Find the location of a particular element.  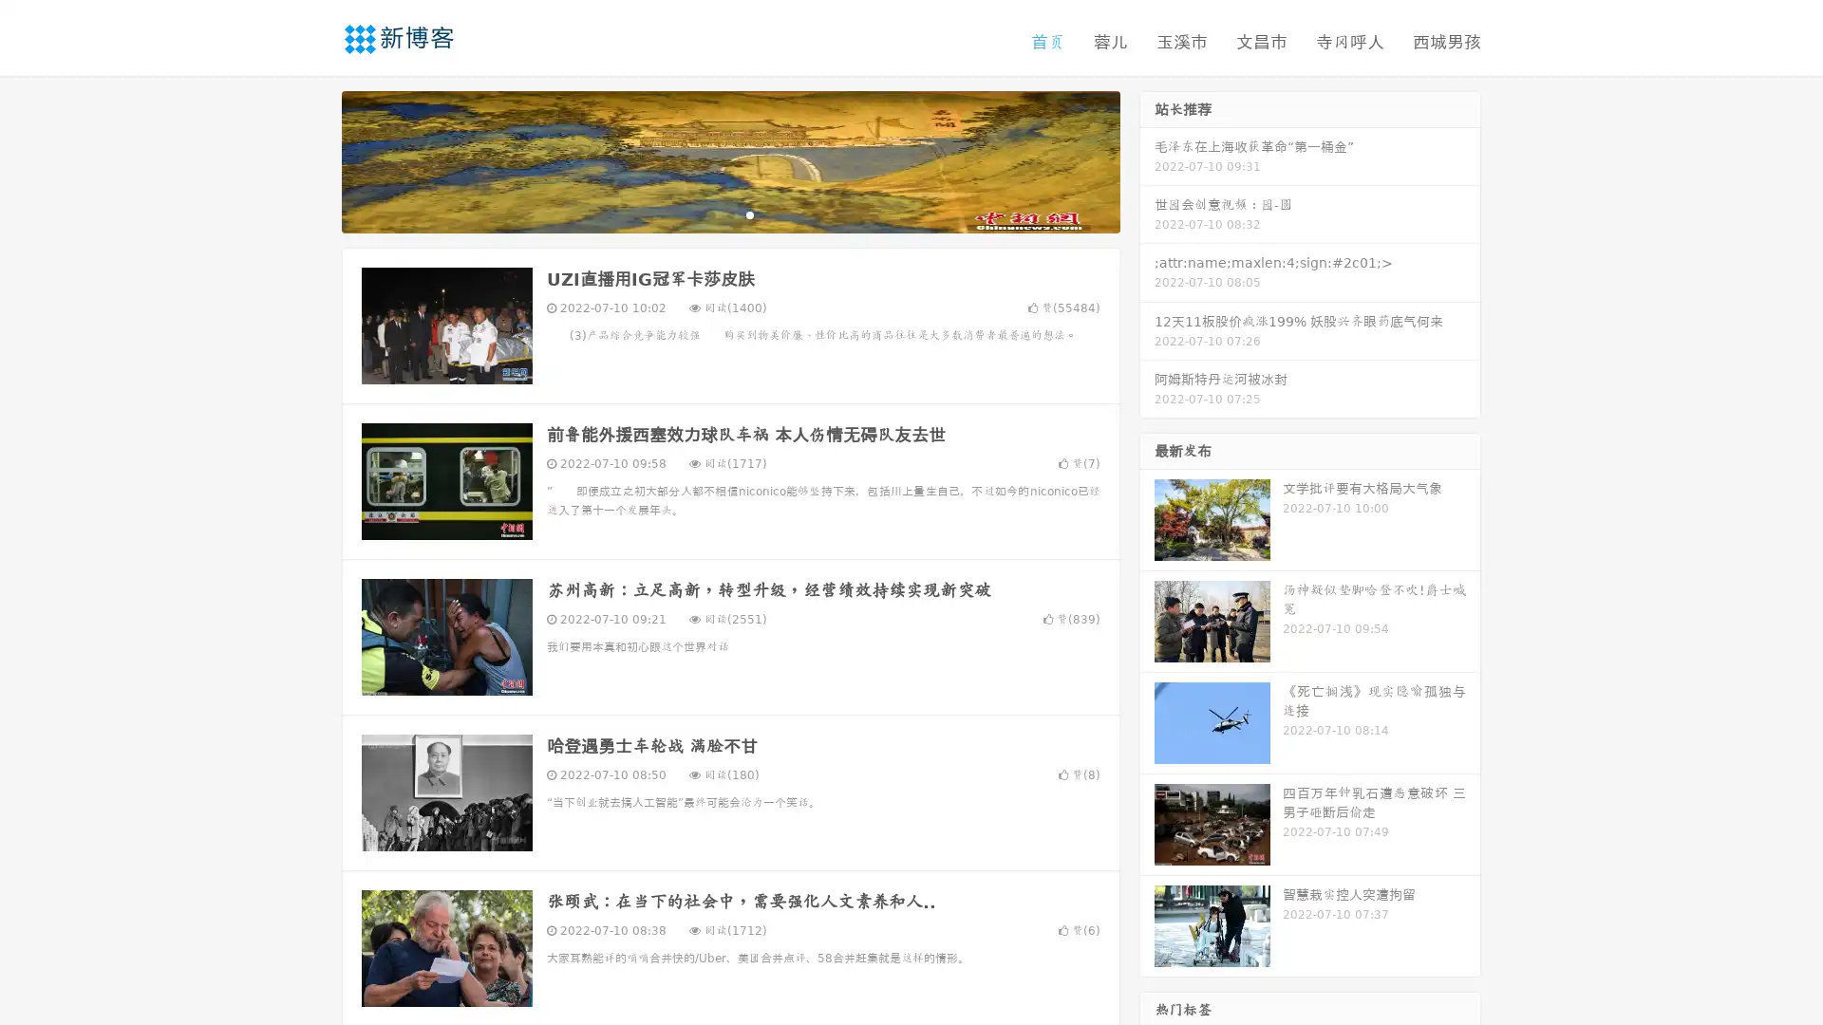

Go to slide 2 is located at coordinates (729, 214).